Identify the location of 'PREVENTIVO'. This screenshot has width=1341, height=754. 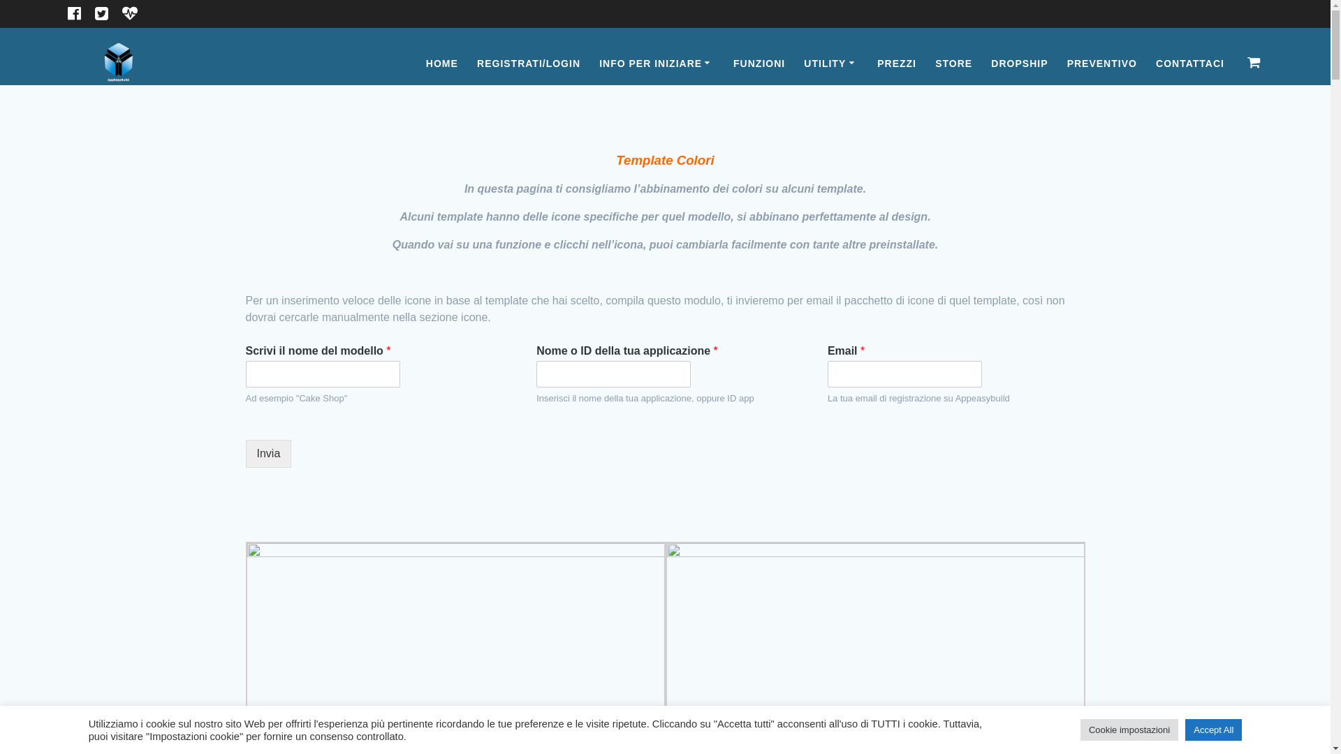
(1101, 64).